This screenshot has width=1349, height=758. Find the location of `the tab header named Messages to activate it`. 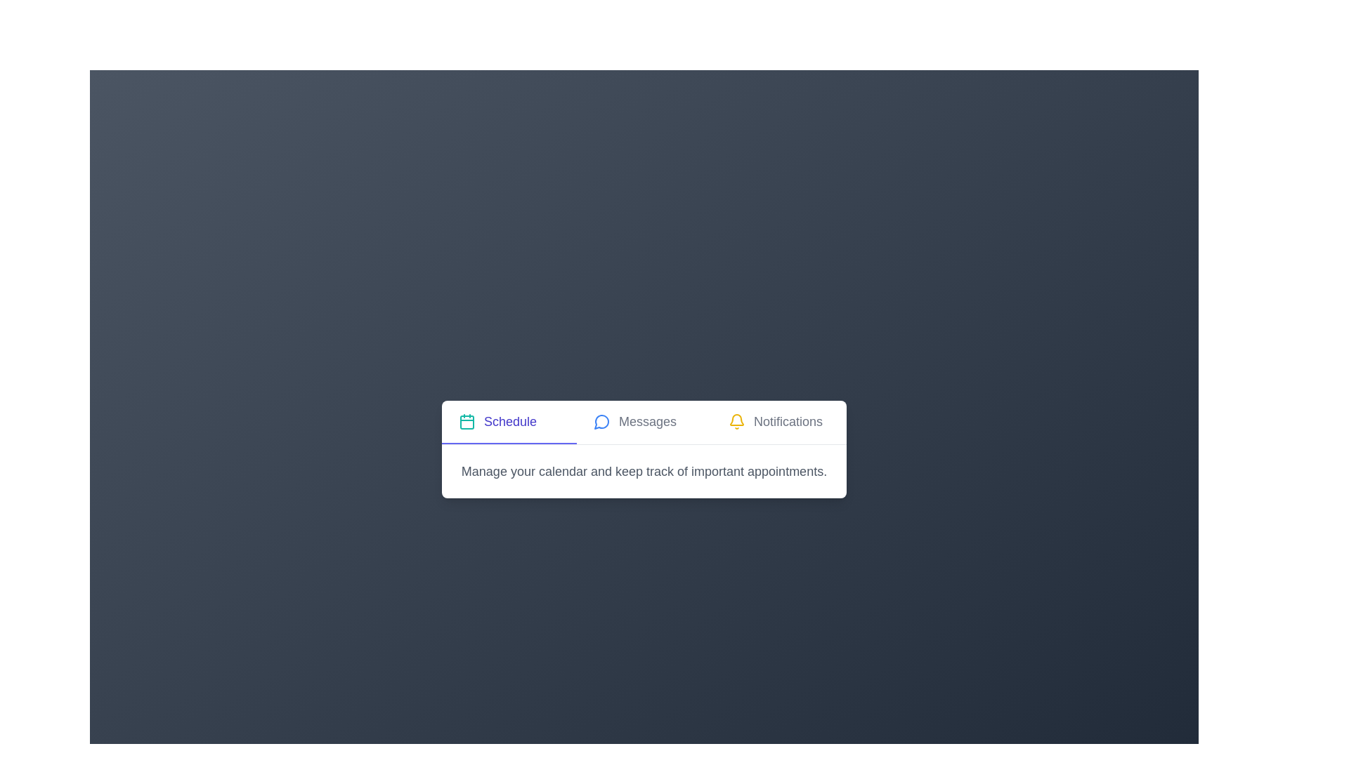

the tab header named Messages to activate it is located at coordinates (643, 421).